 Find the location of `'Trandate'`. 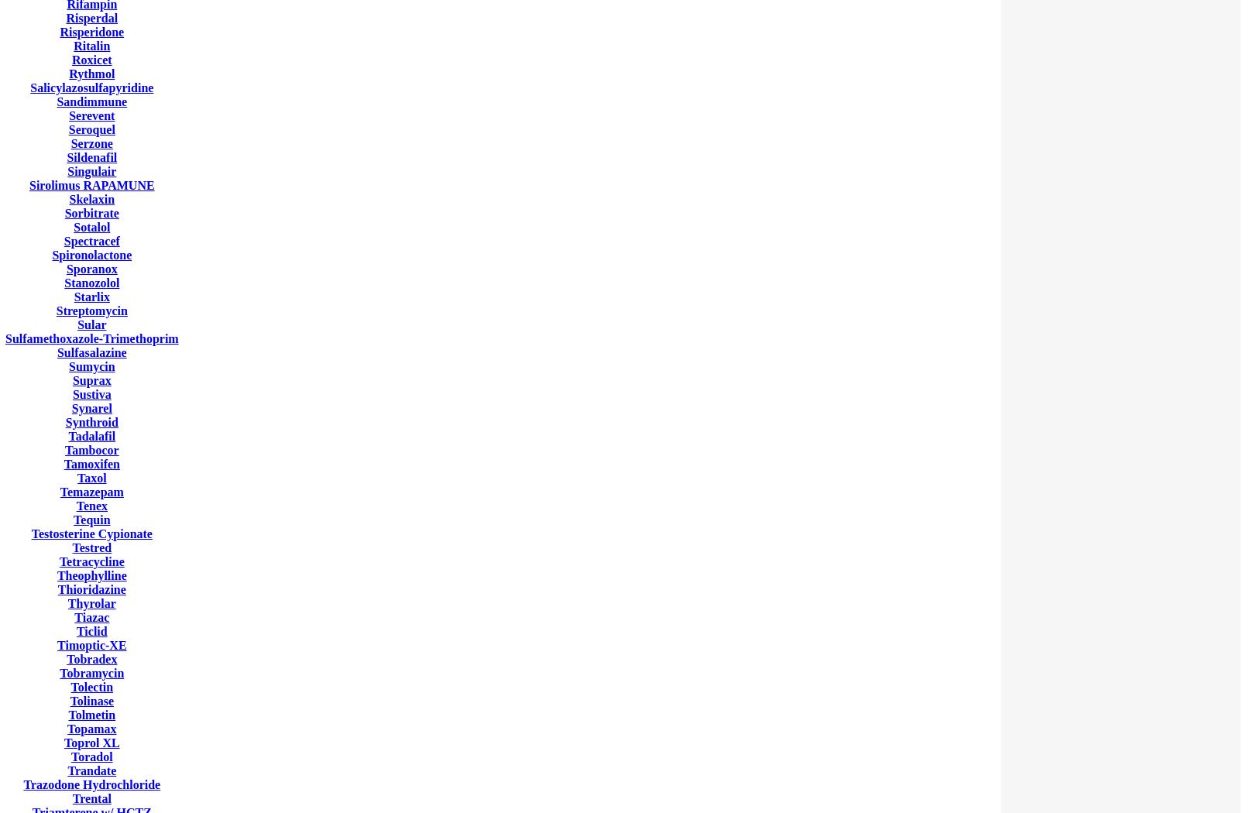

'Trandate' is located at coordinates (91, 770).